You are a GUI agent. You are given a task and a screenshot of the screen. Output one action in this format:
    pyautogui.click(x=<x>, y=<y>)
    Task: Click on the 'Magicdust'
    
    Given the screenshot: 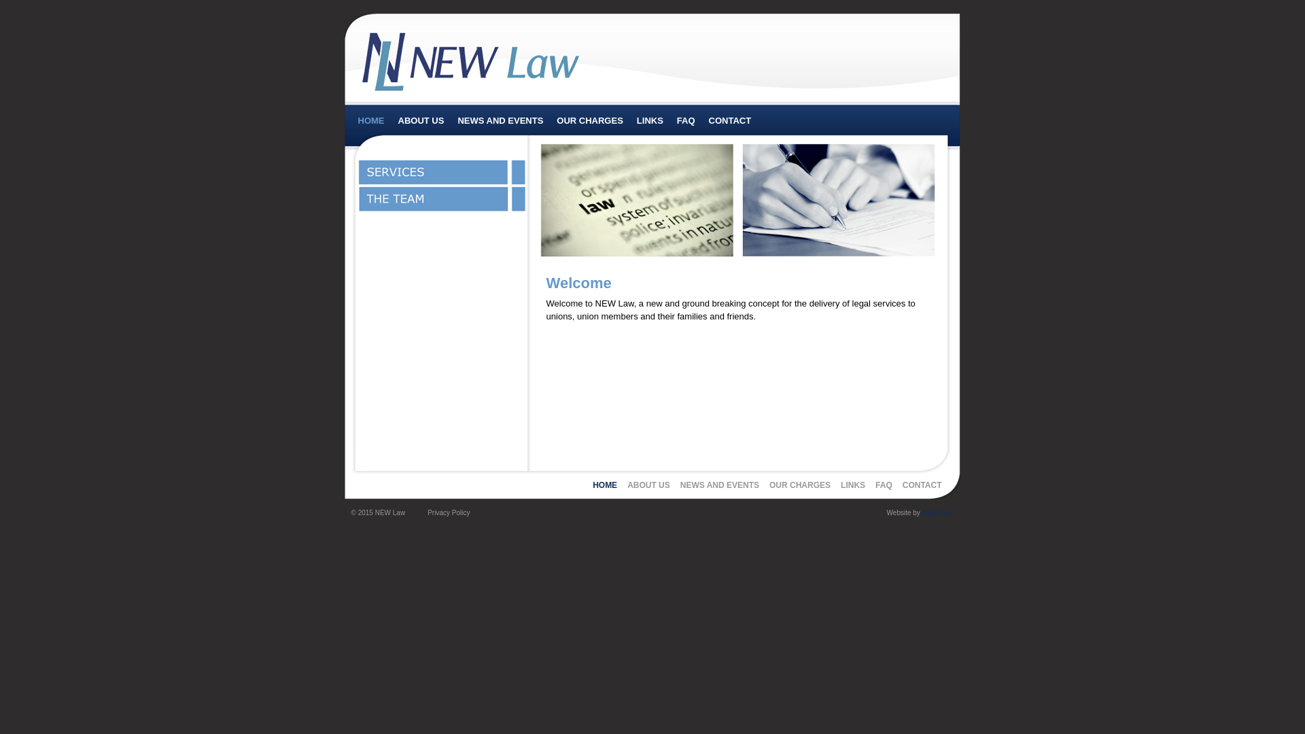 What is the action you would take?
    pyautogui.click(x=922, y=512)
    